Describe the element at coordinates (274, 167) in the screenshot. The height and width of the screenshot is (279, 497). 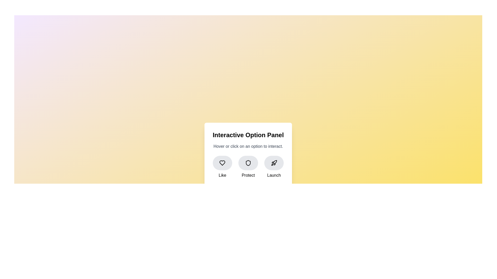
I see `the 'Launch' button located at the bottom-right position among three horizontally arranged options` at that location.